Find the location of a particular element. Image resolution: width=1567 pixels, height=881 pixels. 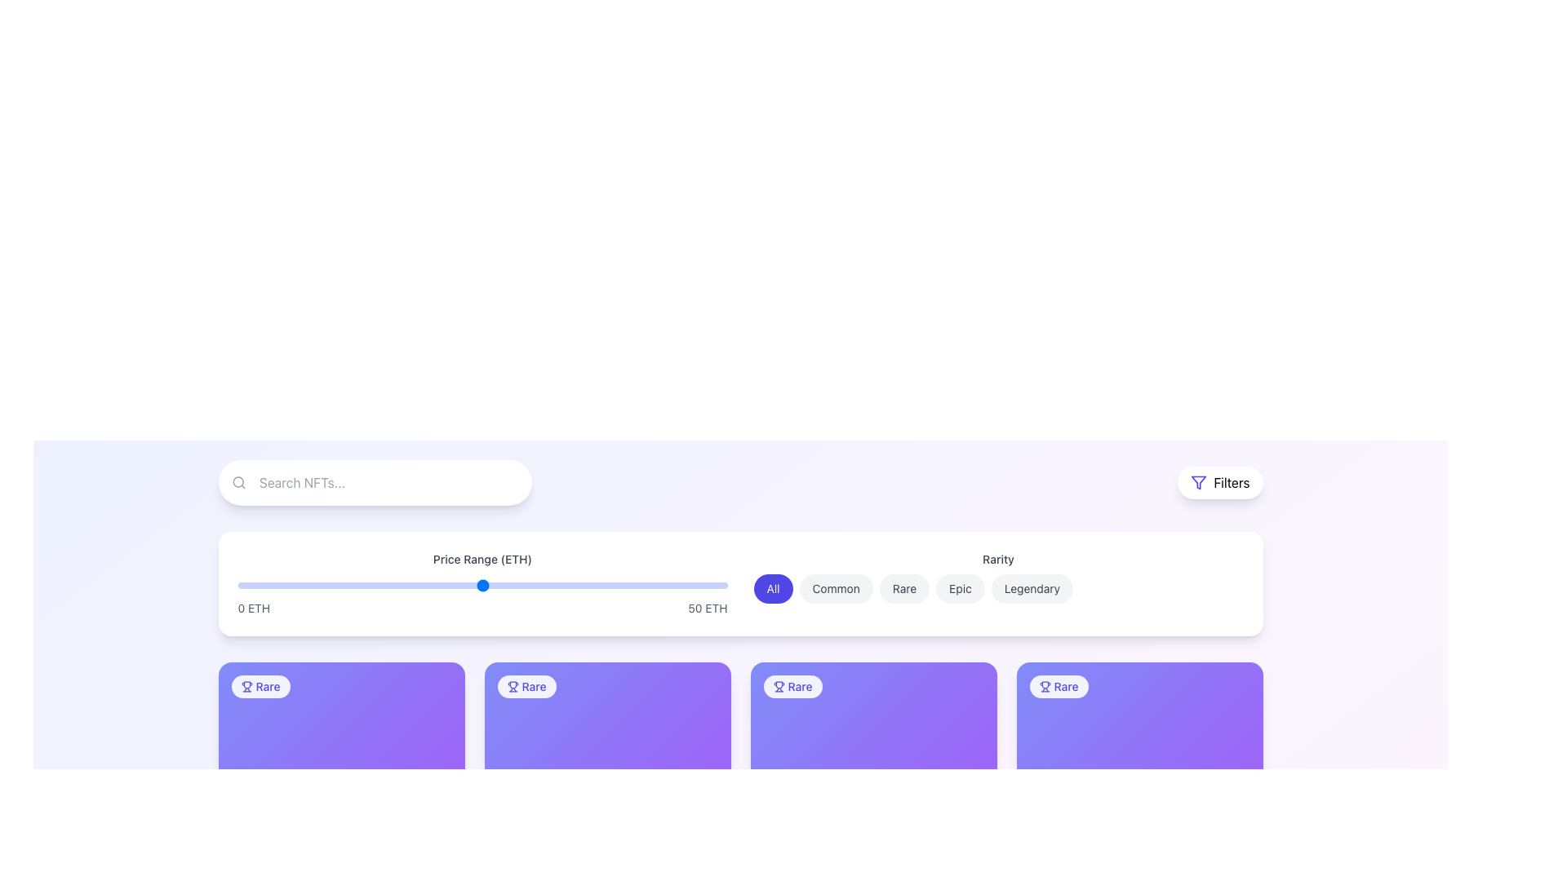

the price range slider is located at coordinates (477, 584).